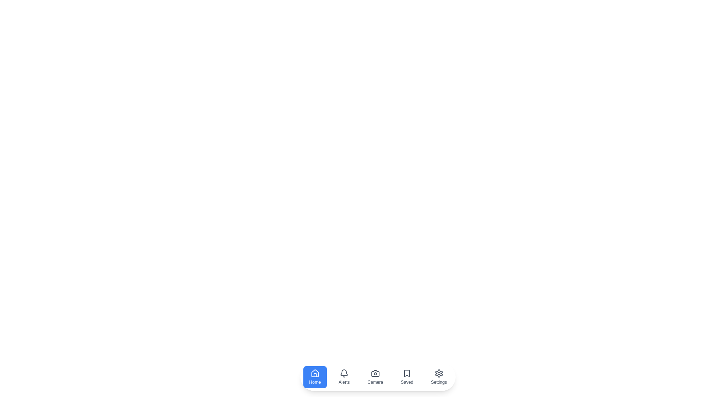 The height and width of the screenshot is (397, 706). What do you see at coordinates (439, 377) in the screenshot?
I see `the navigation item Settings by clicking on its respective button` at bounding box center [439, 377].